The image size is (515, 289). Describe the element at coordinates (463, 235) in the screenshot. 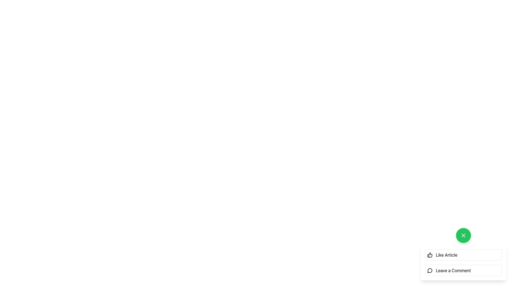

I see `the Close Icon located` at that location.